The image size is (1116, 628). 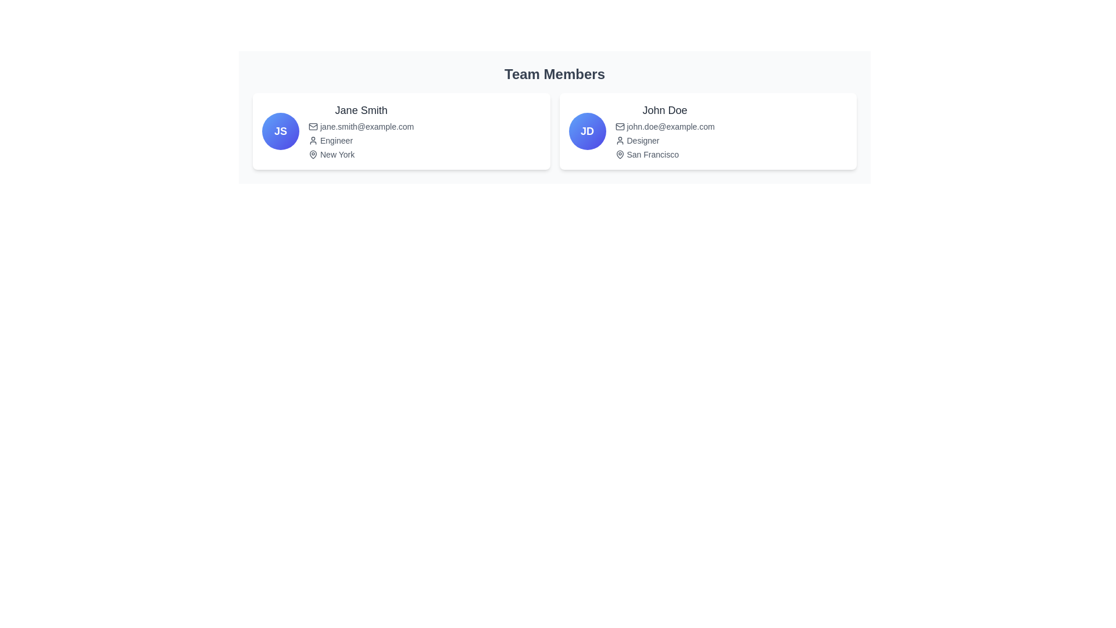 I want to click on the text label 'San Francisco' with the pin icon, which is located below the text 'Designer' in the card of 'John Doe', so click(x=665, y=154).